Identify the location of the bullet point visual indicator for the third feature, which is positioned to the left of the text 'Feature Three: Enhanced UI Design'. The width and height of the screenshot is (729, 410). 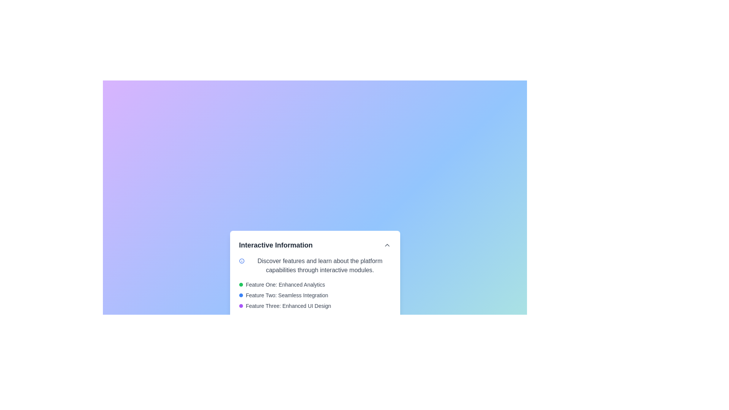
(240, 306).